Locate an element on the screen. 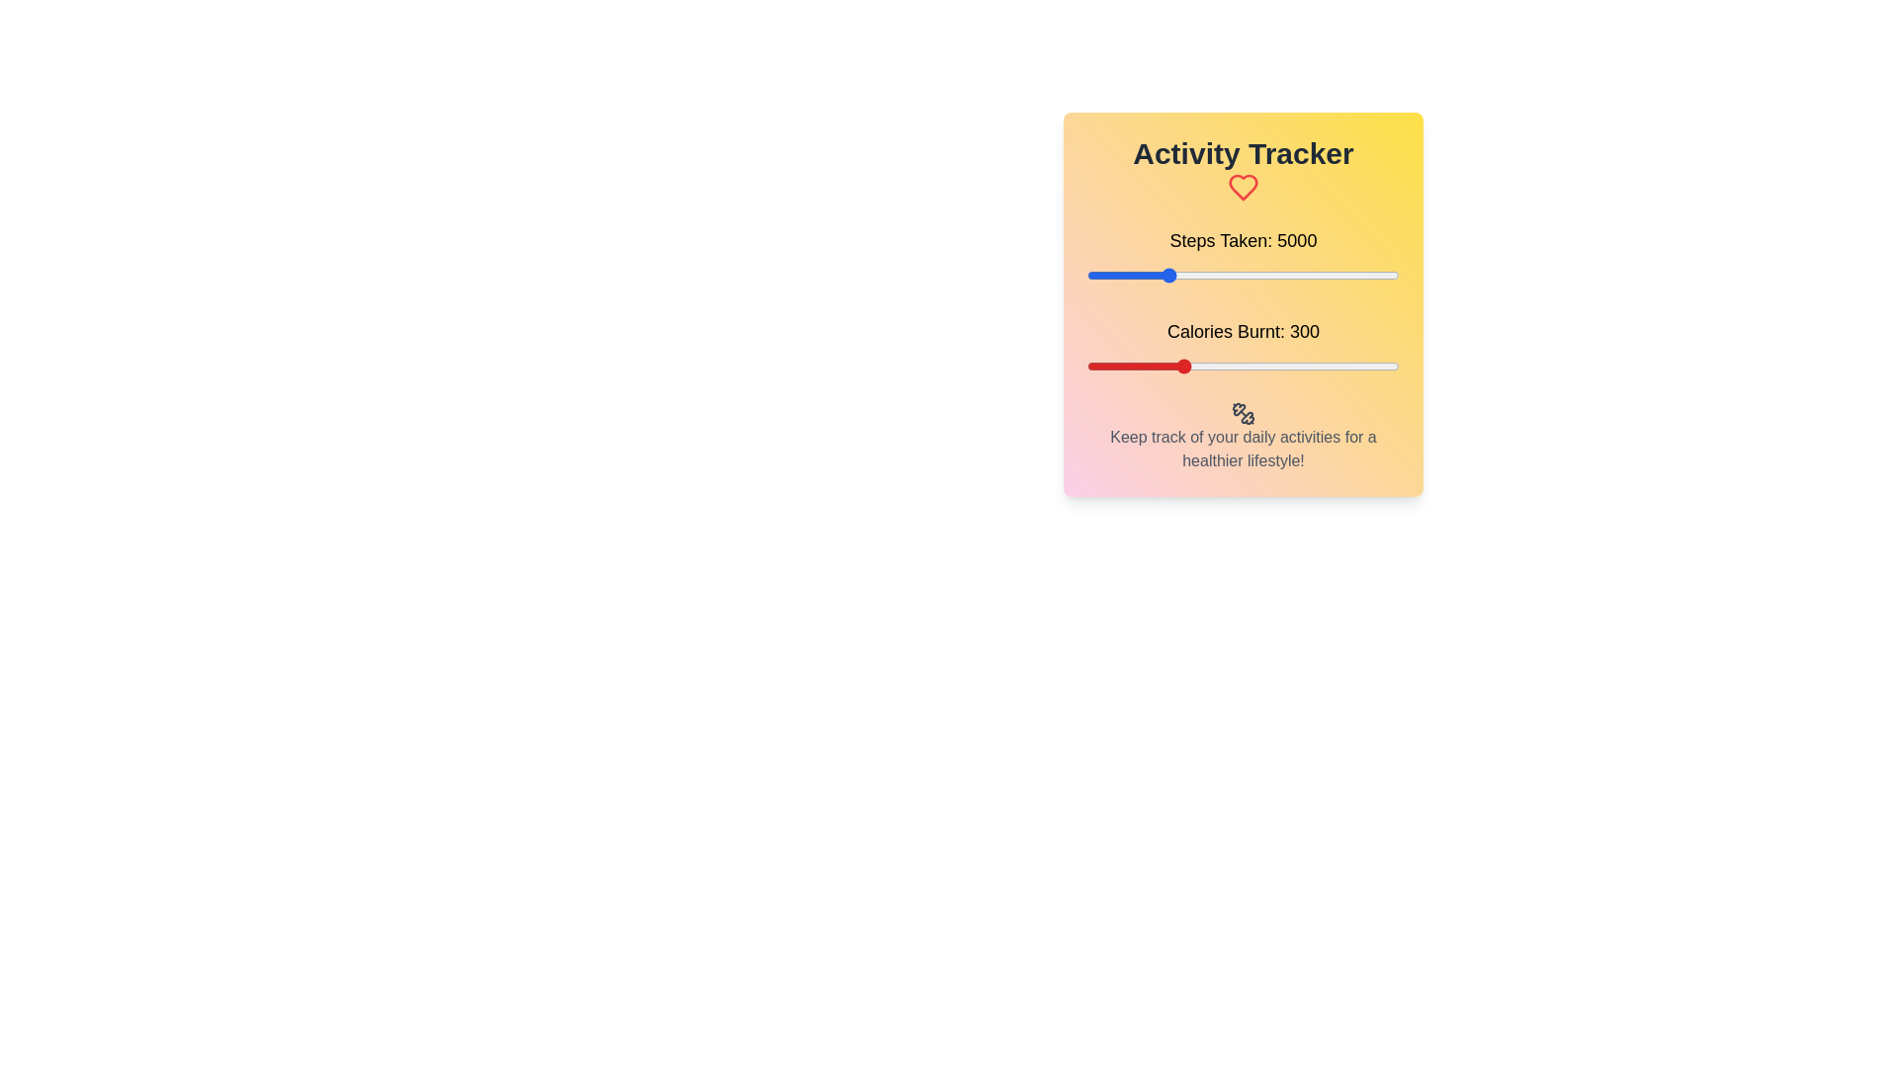 This screenshot has height=1067, width=1898. steps taken is located at coordinates (1332, 275).